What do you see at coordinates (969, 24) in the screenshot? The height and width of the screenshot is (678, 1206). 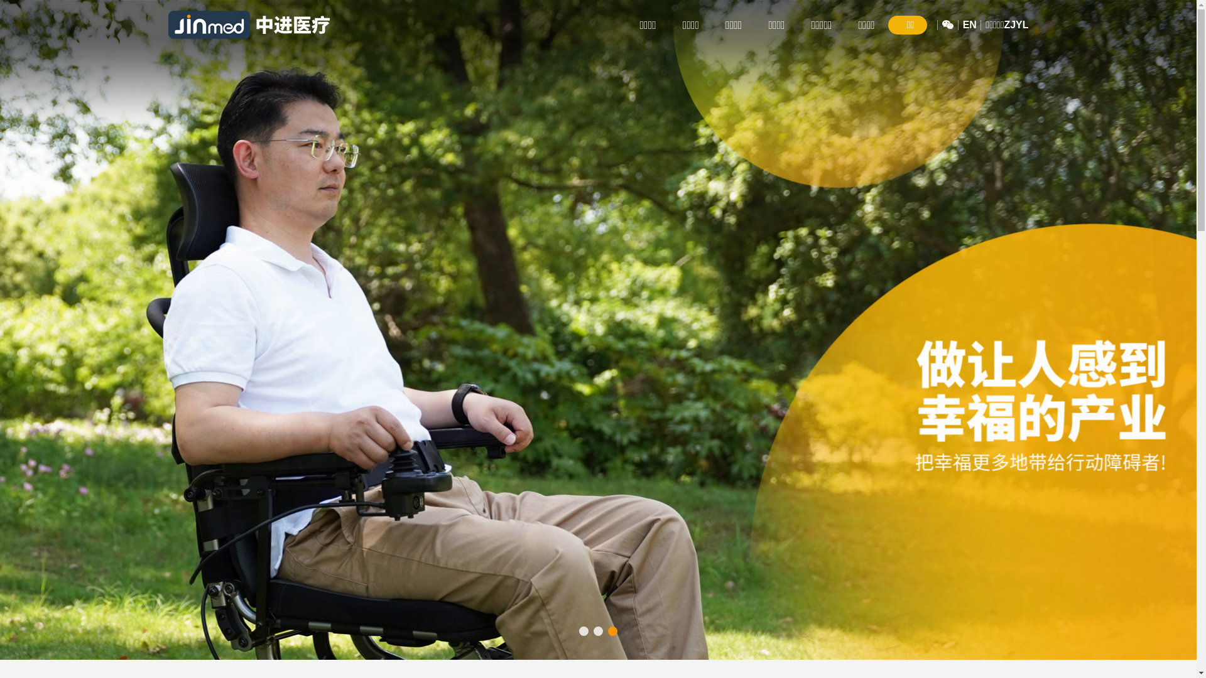 I see `'EN'` at bounding box center [969, 24].